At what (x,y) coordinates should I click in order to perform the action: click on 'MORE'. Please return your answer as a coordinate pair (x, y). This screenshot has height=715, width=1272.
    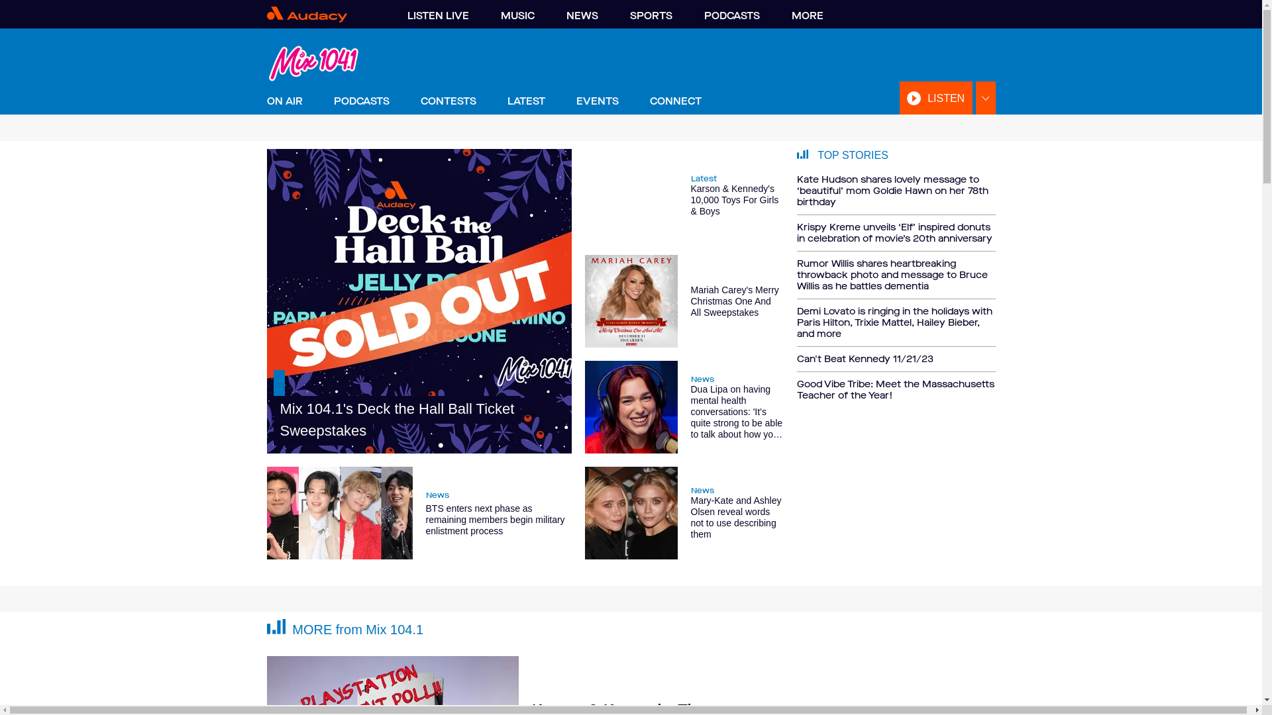
    Looking at the image, I should click on (806, 15).